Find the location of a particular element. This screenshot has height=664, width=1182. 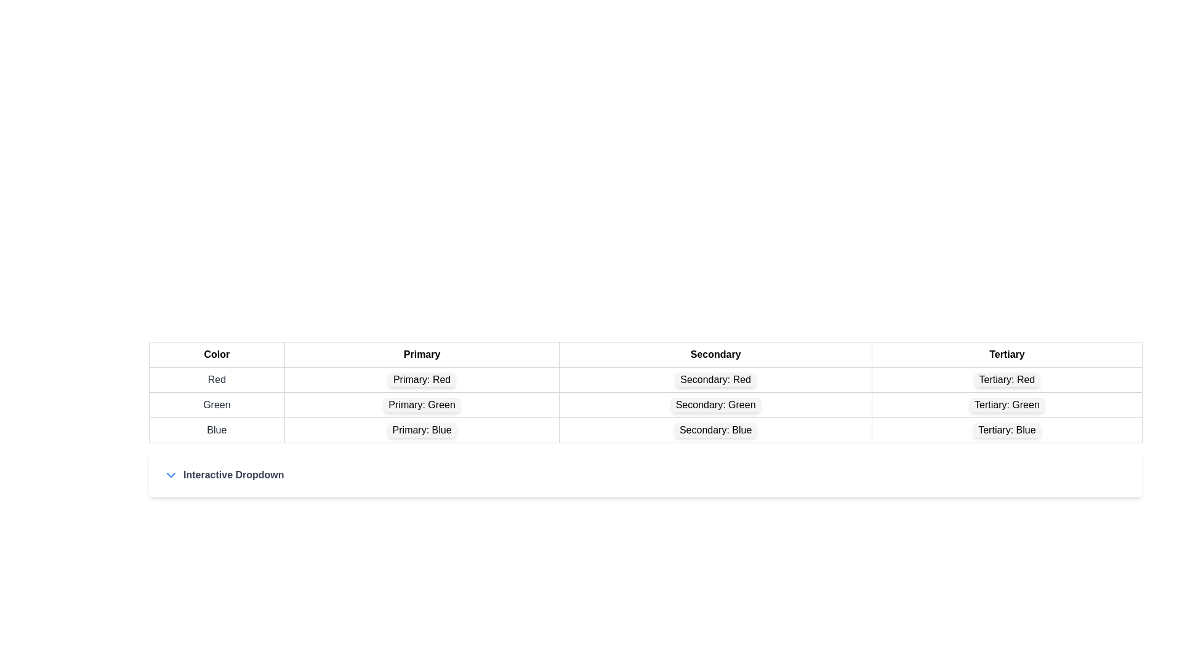

the chevron icon indicating a dropdown menu located to the left of the 'Interactive Dropdown' text is located at coordinates (171, 474).